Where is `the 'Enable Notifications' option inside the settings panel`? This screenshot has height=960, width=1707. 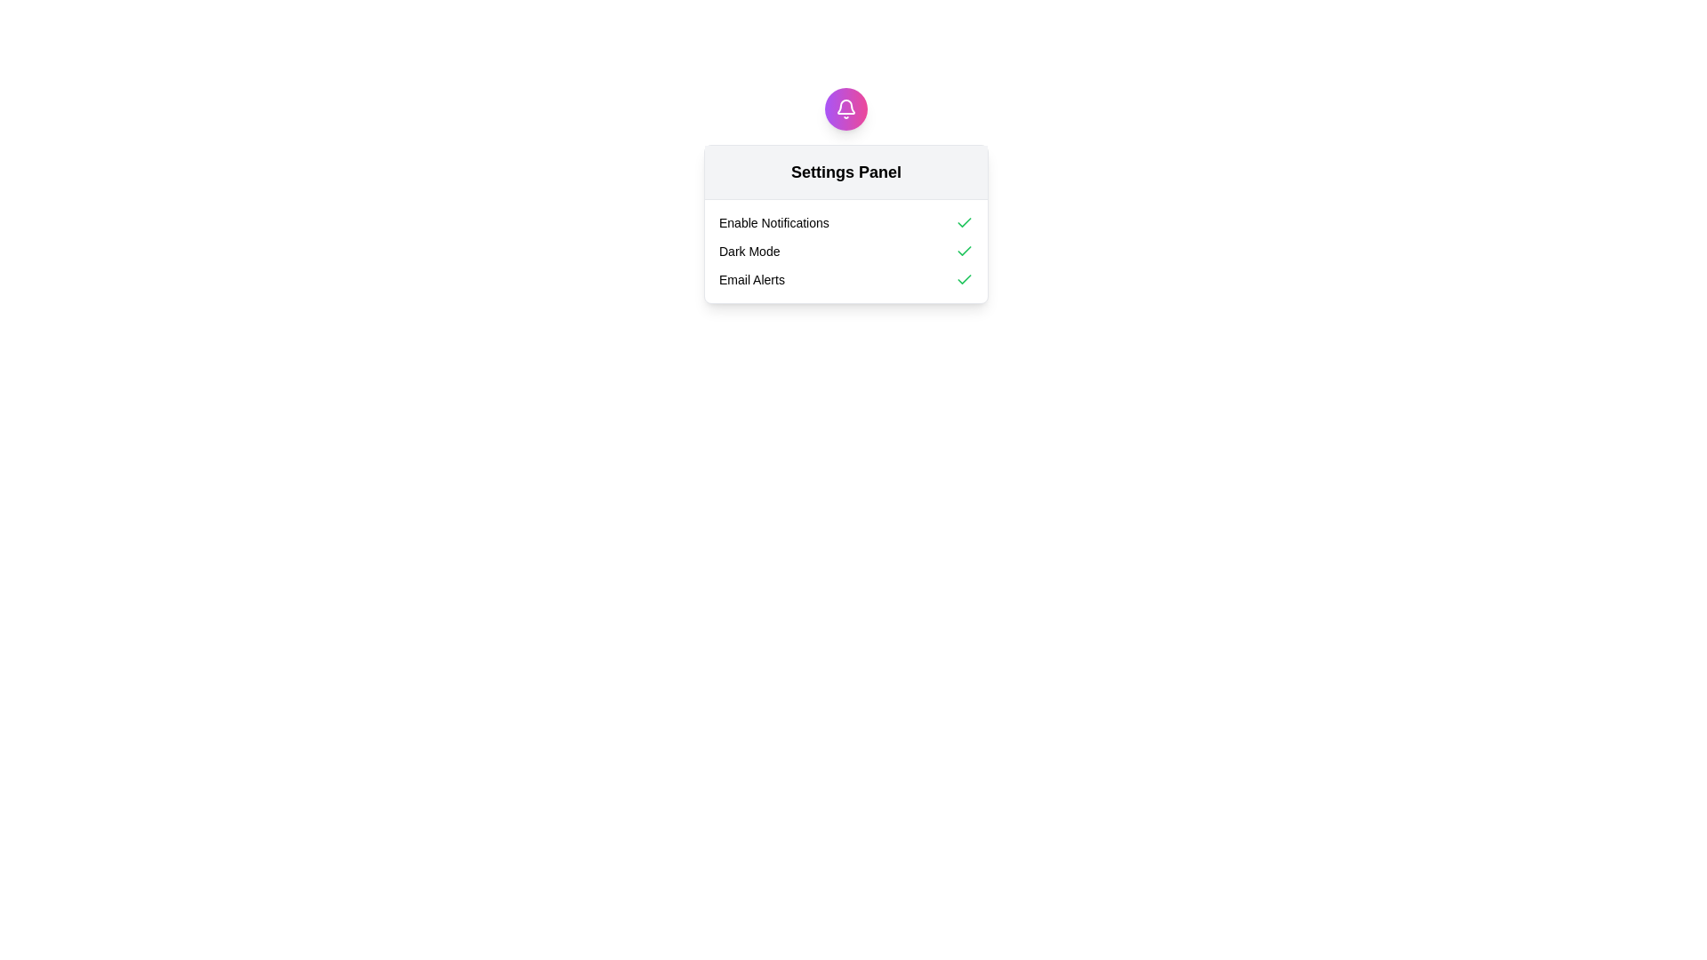 the 'Enable Notifications' option inside the settings panel is located at coordinates (845, 223).